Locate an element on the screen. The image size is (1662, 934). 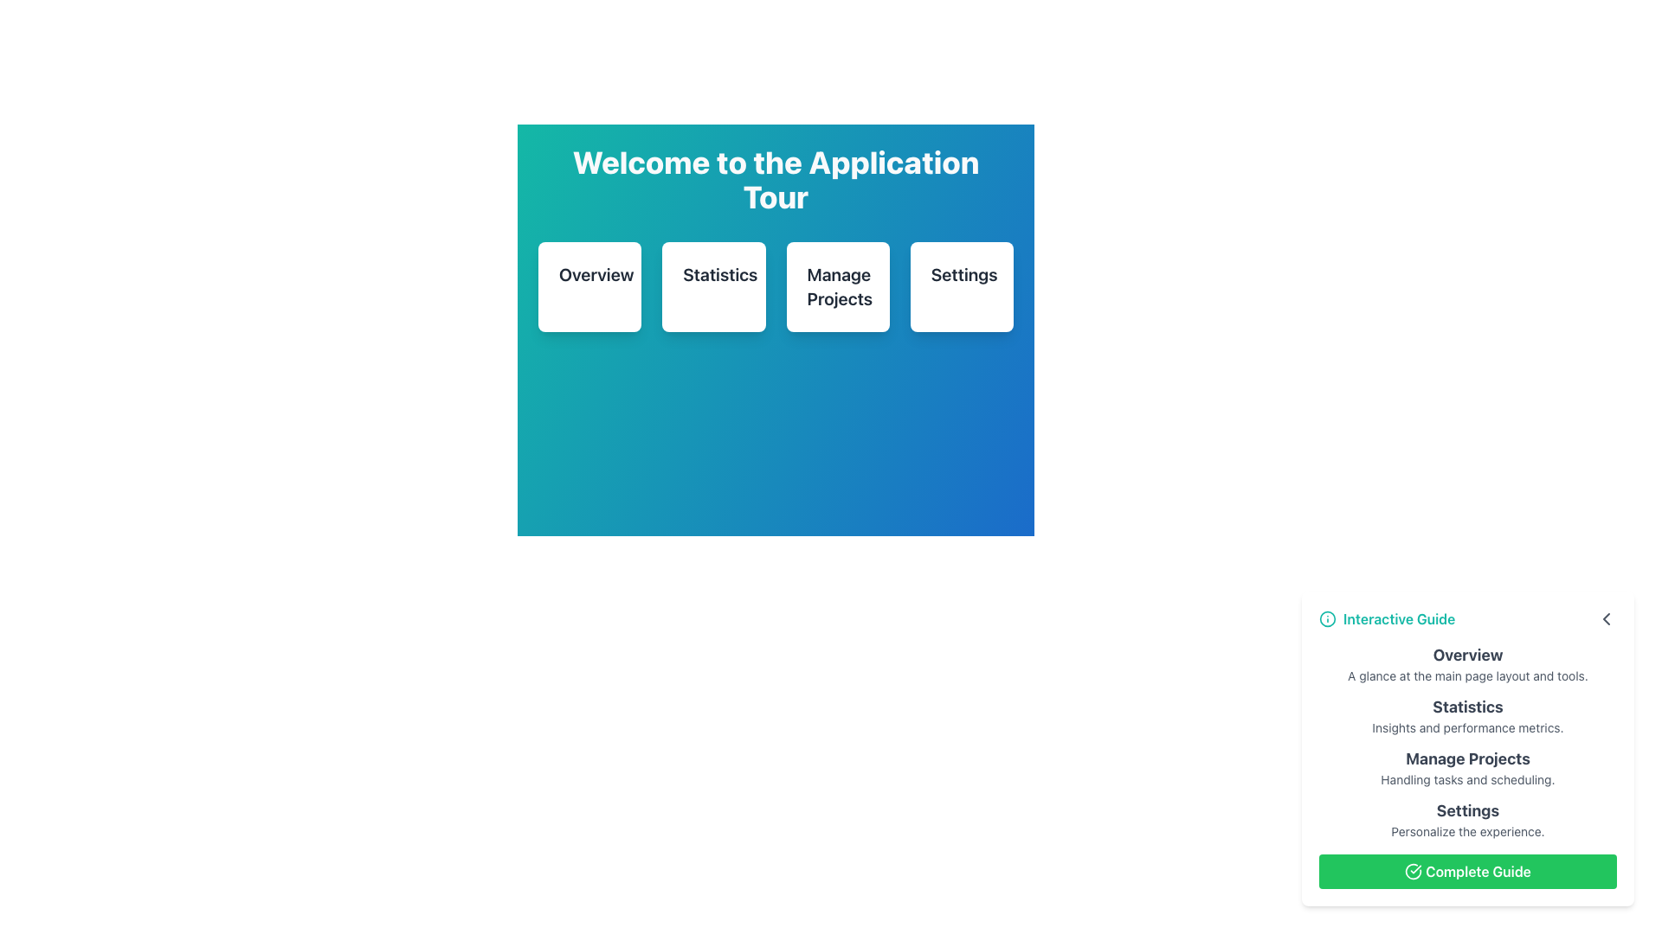
the bold, large-sized 'Statistics' label in the right-hand sidebar which is styled in gray font is located at coordinates (1466, 707).